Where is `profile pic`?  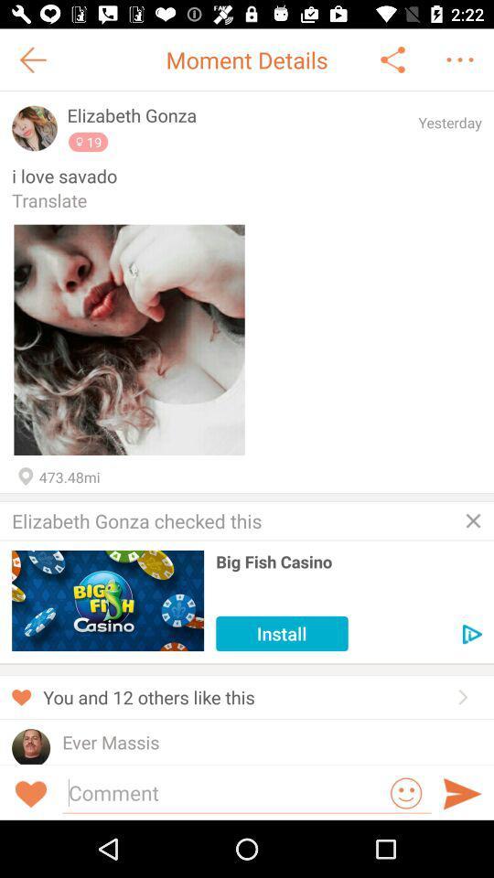
profile pic is located at coordinates (35, 127).